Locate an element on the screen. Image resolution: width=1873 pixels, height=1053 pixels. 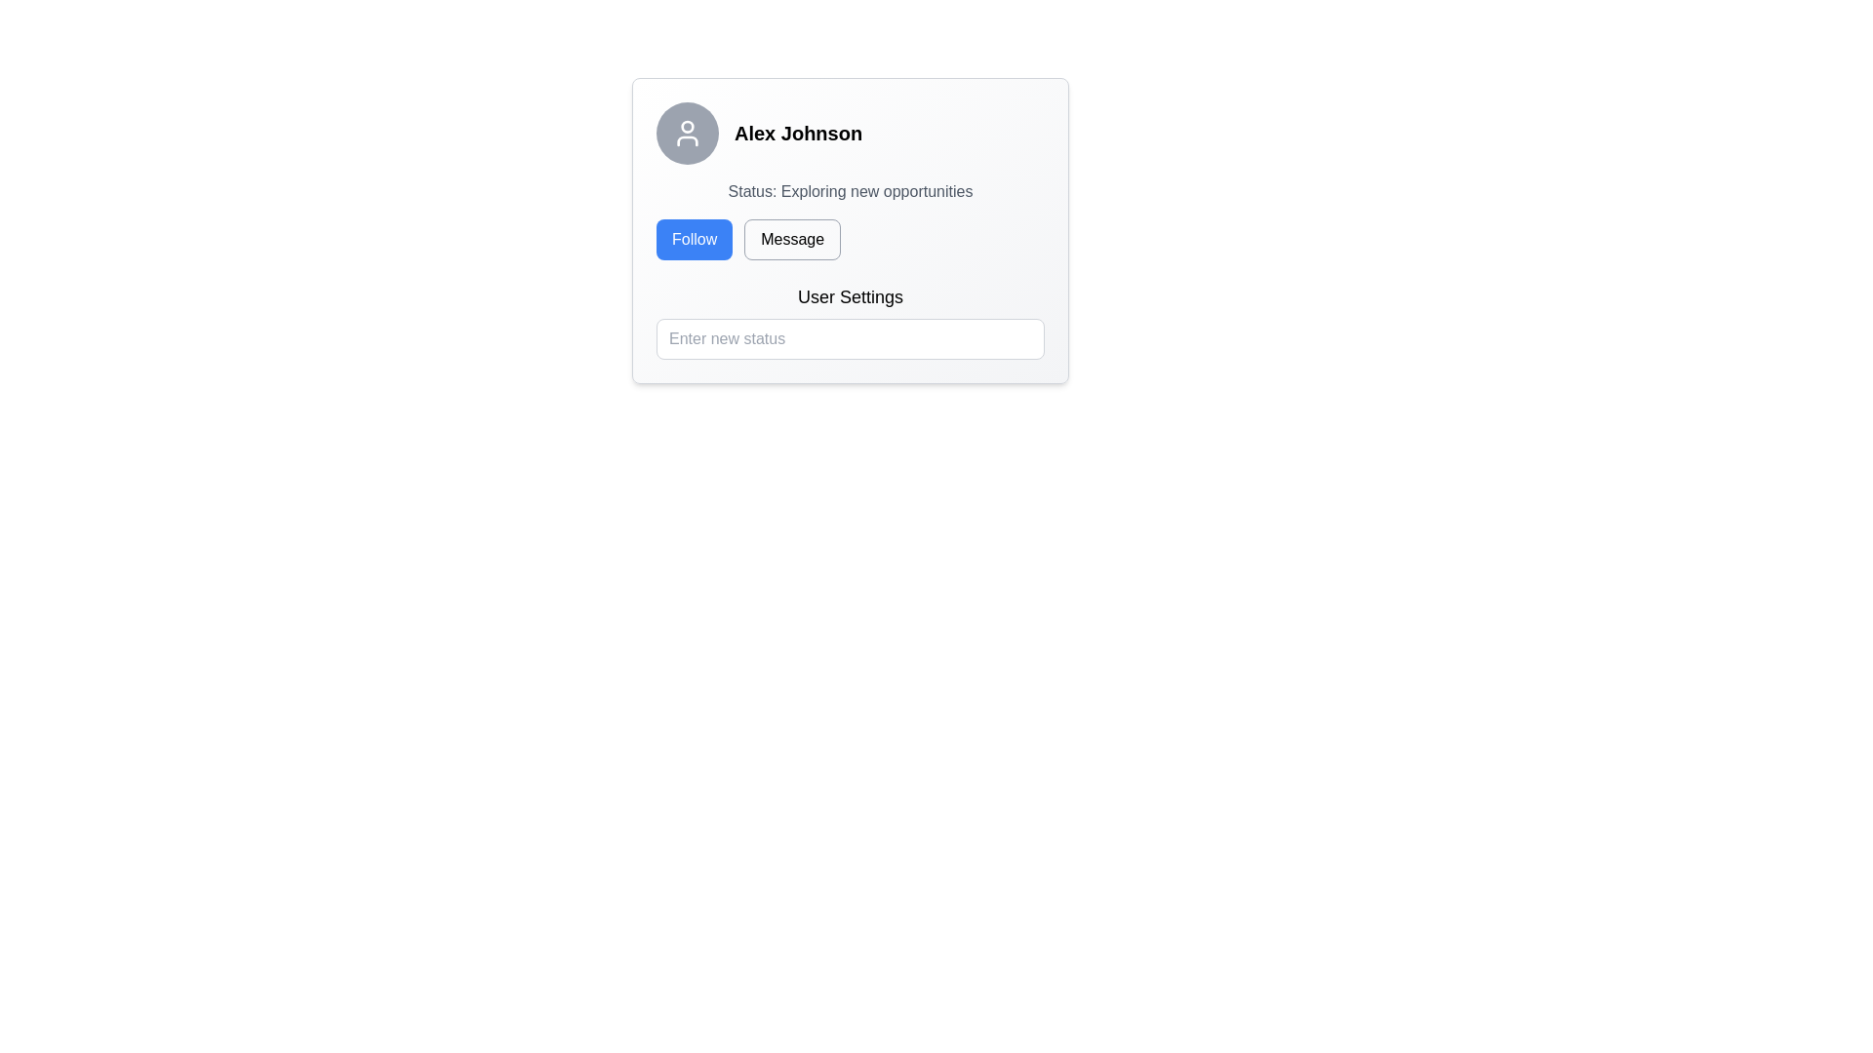
the user's profile summary panel, which displays the user's name, status, and interactive options for following or messaging is located at coordinates (851, 229).